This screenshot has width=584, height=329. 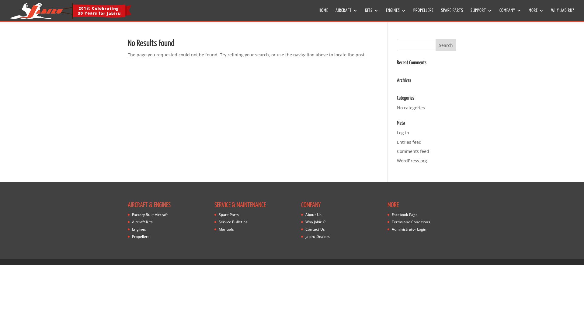 I want to click on 'Contact Us', so click(x=315, y=229).